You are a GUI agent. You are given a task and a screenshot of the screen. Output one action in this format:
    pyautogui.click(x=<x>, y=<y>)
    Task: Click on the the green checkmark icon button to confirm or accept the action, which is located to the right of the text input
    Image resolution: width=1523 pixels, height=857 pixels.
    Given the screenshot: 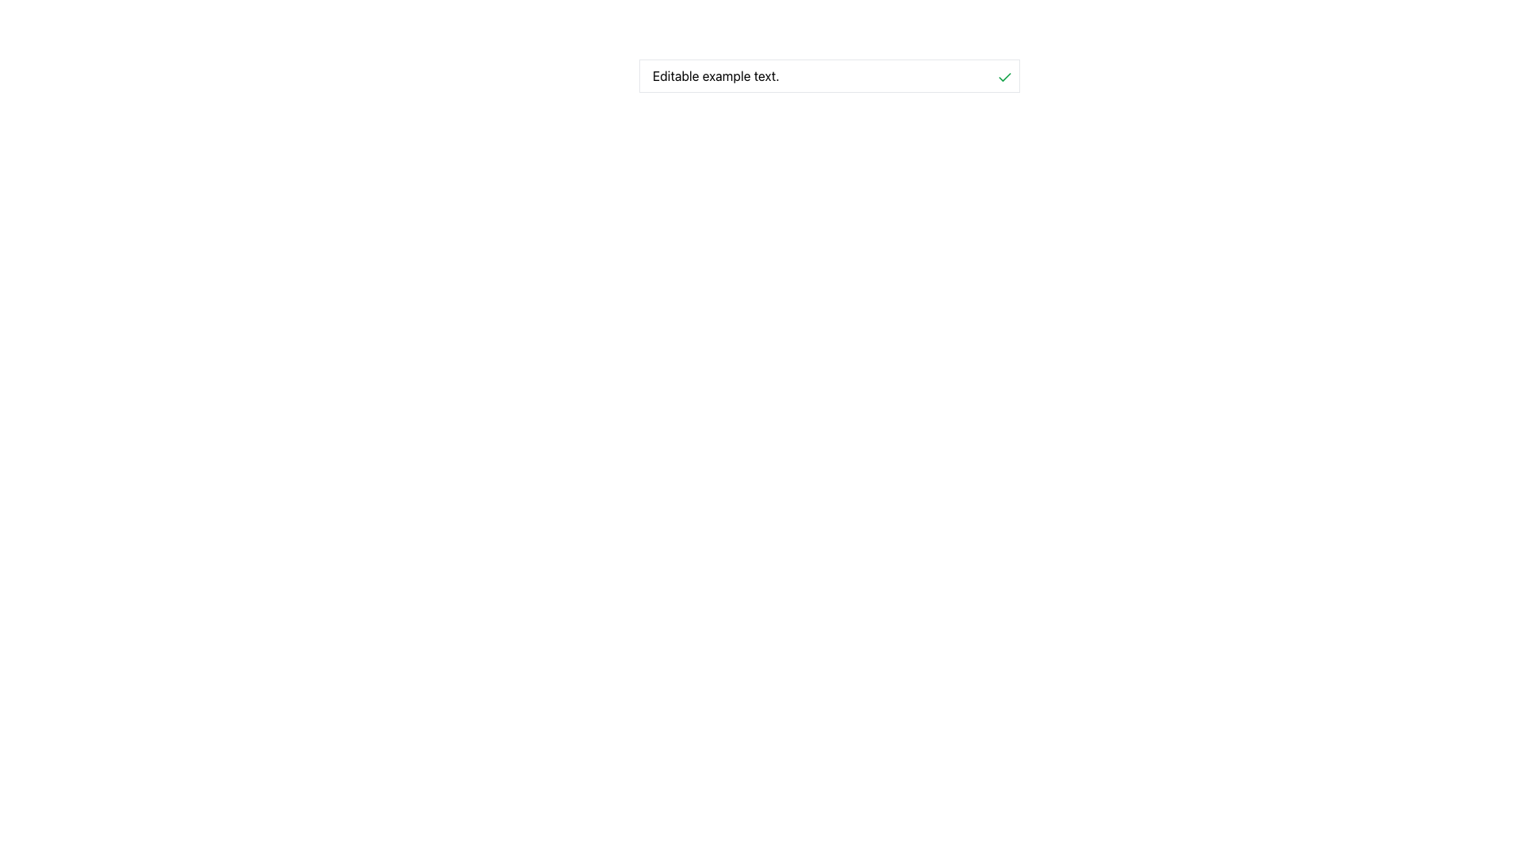 What is the action you would take?
    pyautogui.click(x=1004, y=76)
    